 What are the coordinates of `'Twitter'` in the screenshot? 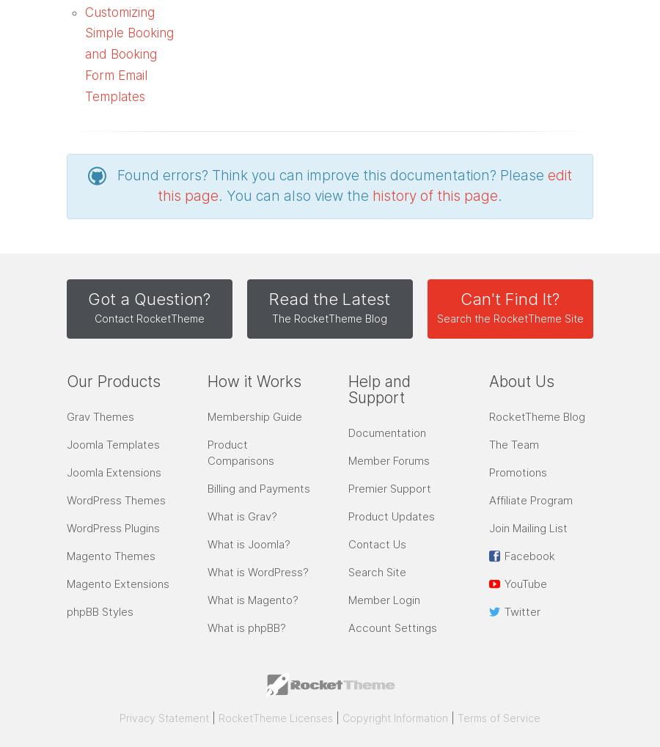 It's located at (520, 611).